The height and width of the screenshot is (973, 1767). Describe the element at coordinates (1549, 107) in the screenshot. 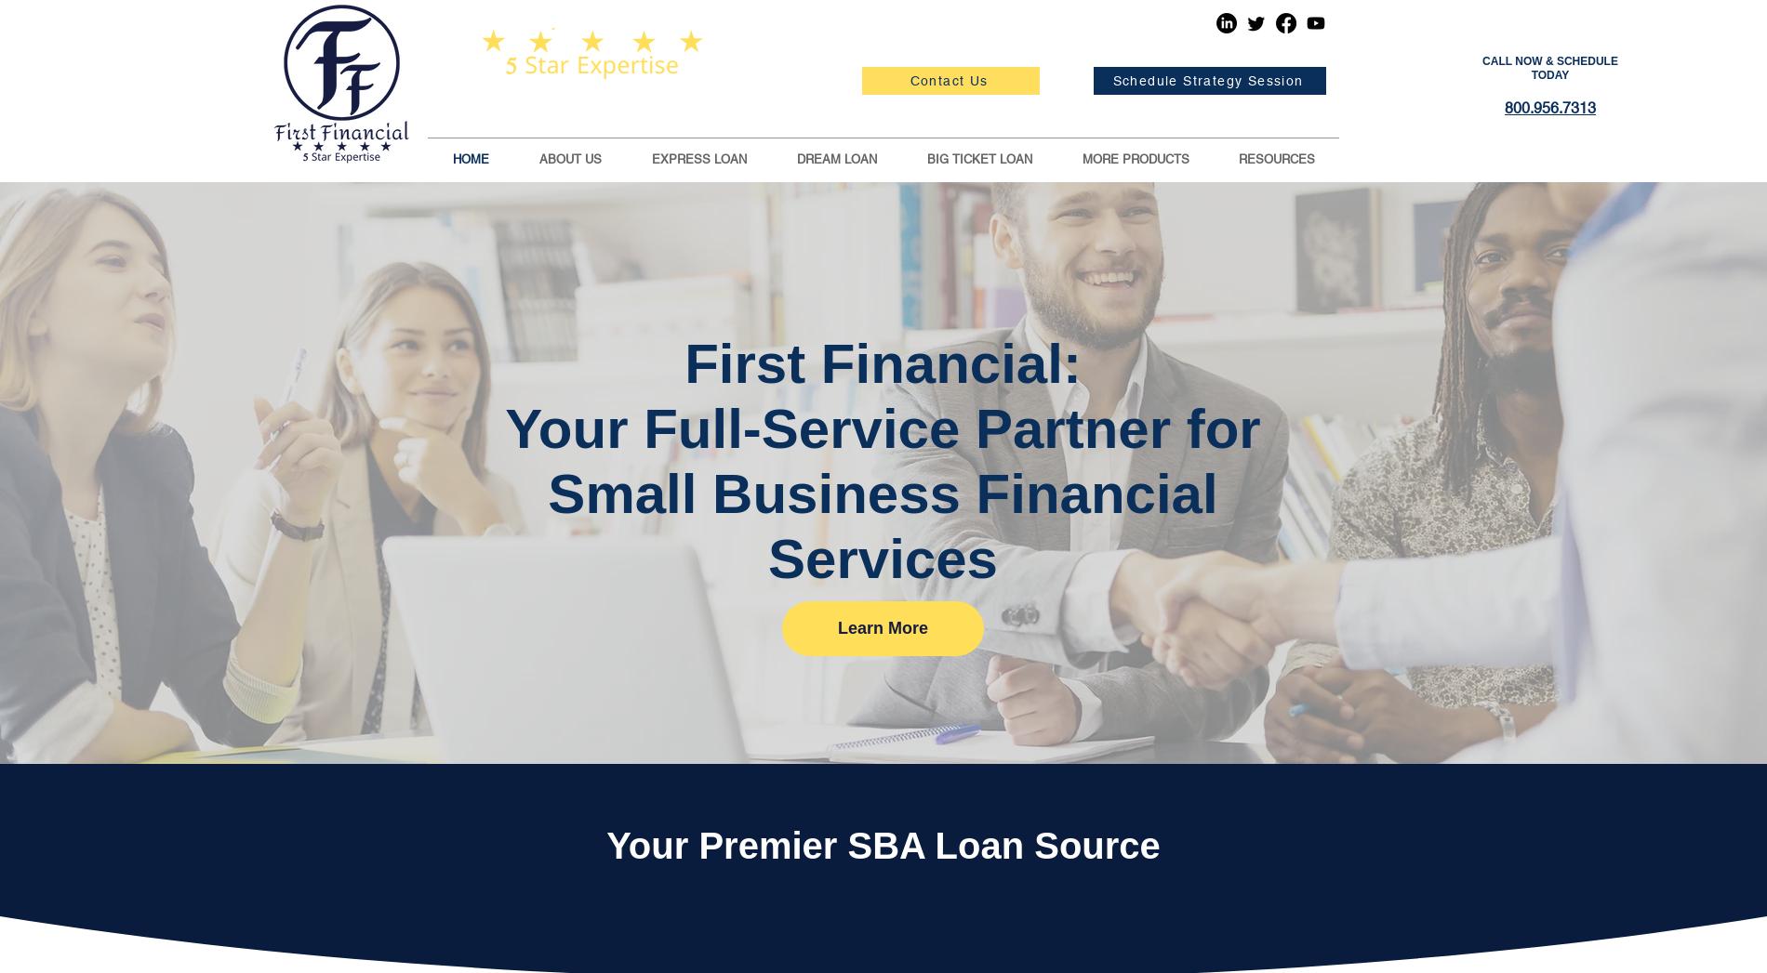

I see `'800.956.7313'` at that location.